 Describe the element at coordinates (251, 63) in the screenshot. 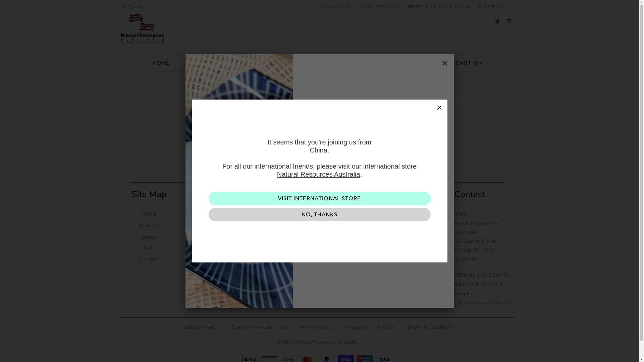

I see `'ABOUT'` at that location.